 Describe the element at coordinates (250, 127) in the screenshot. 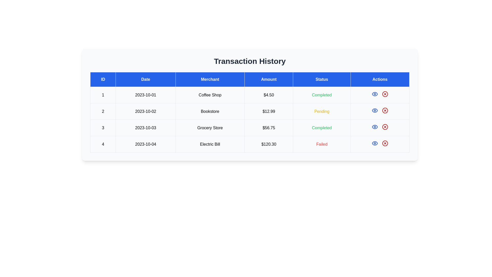

I see `the text of transaction entry 3` at that location.